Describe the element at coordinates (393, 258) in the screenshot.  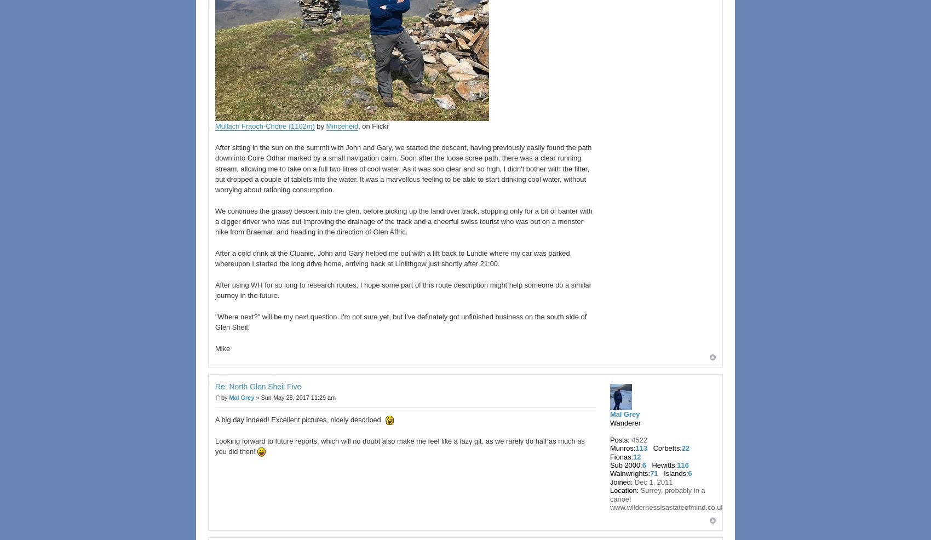
I see `'After a cold drink at the Cluanie, John and Gary helped me out with a lift back to Lundie where my car was parked, whereupon I started the long drive home, arriving back at Linlithgow just shortly after 21:00.'` at that location.